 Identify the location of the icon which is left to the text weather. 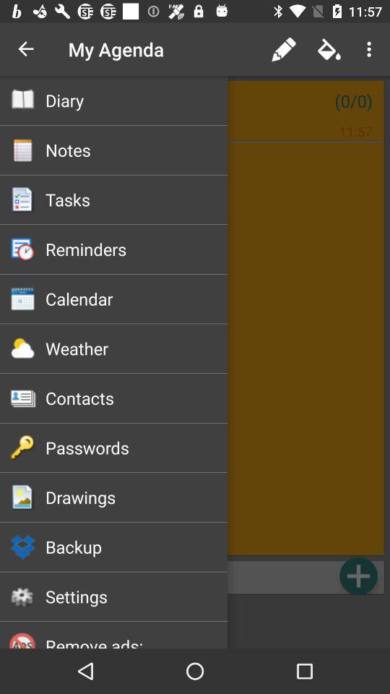
(22, 348).